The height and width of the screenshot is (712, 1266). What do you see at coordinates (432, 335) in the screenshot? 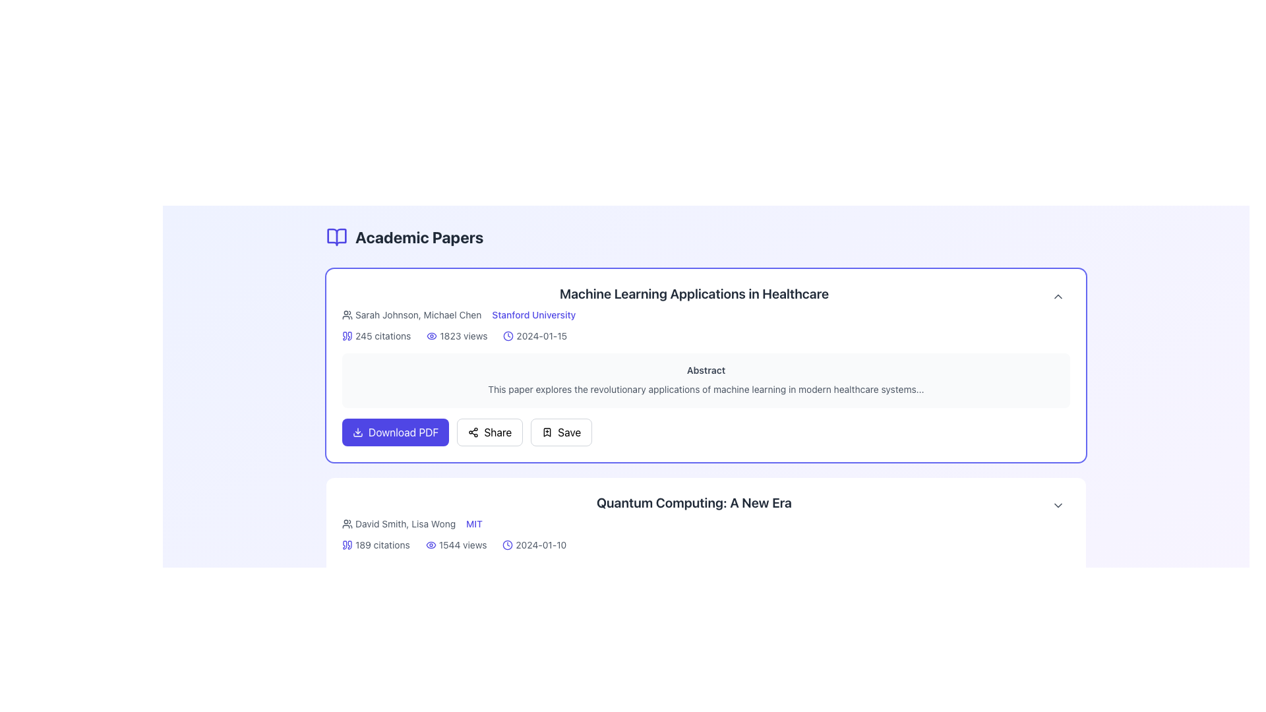
I see `the elliptical component of the eye icon located at the right-hand side of the row for 'Machine Learning Applications in Healthcare'` at bounding box center [432, 335].